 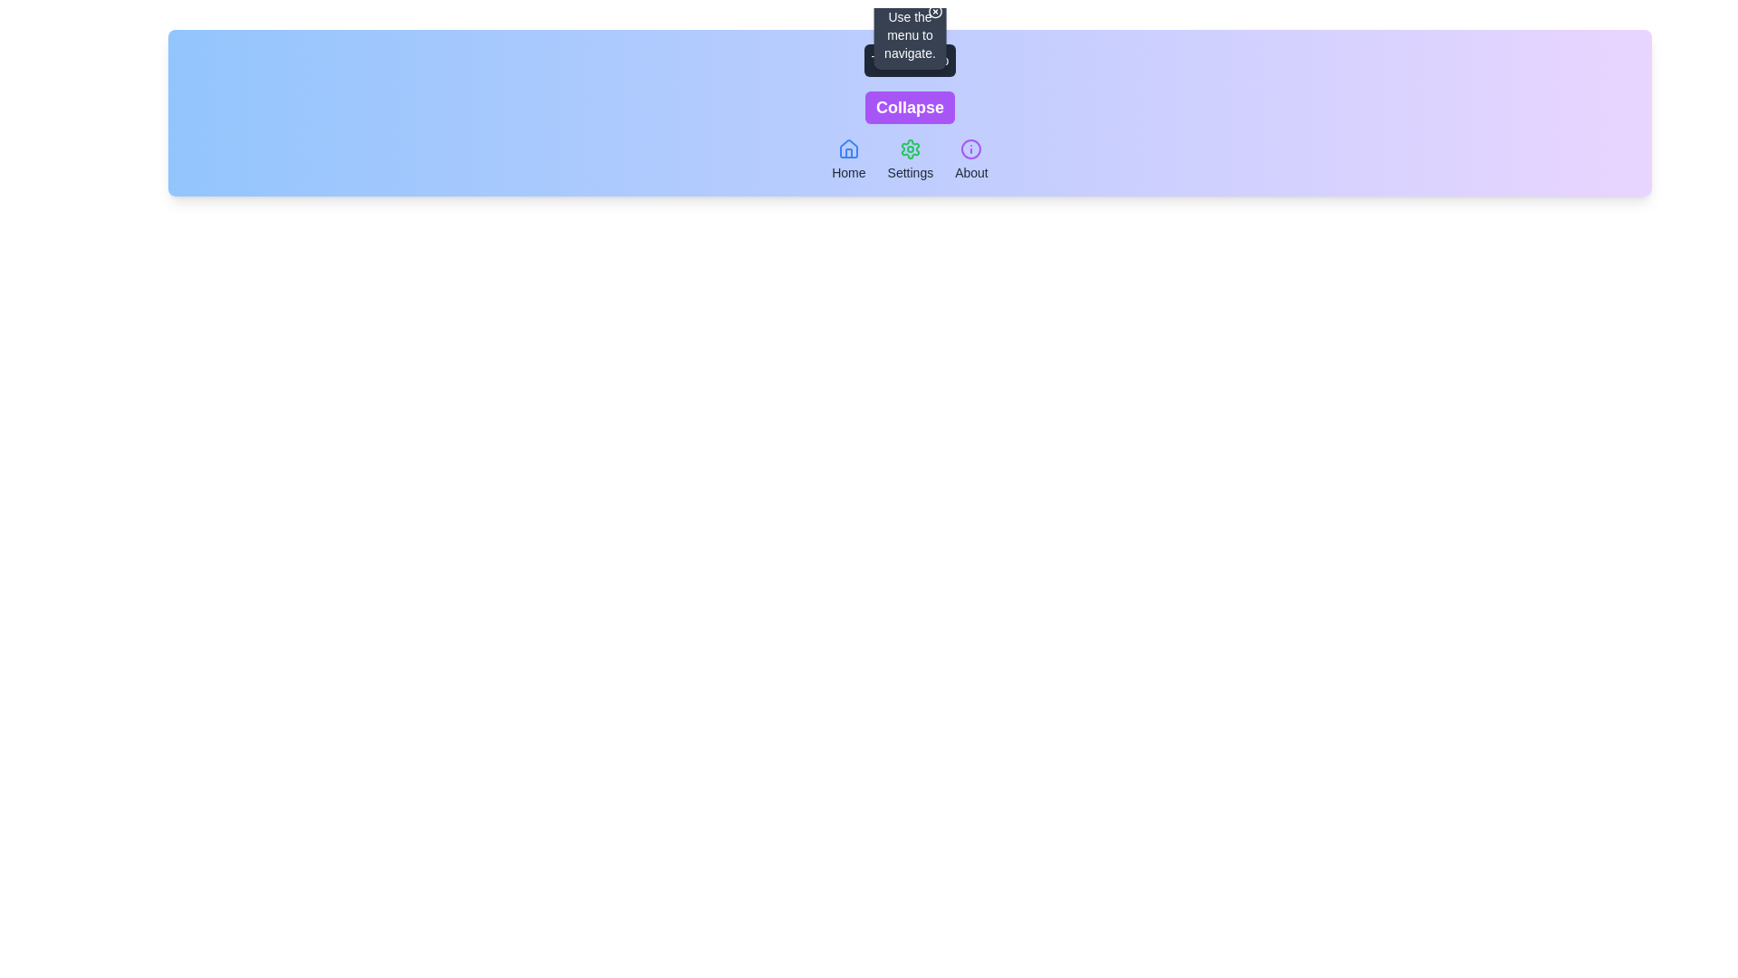 What do you see at coordinates (910, 159) in the screenshot?
I see `the Navigation button with a labeled icon, which is the second item in a row of three elements located below the 'Collapse' button` at bounding box center [910, 159].